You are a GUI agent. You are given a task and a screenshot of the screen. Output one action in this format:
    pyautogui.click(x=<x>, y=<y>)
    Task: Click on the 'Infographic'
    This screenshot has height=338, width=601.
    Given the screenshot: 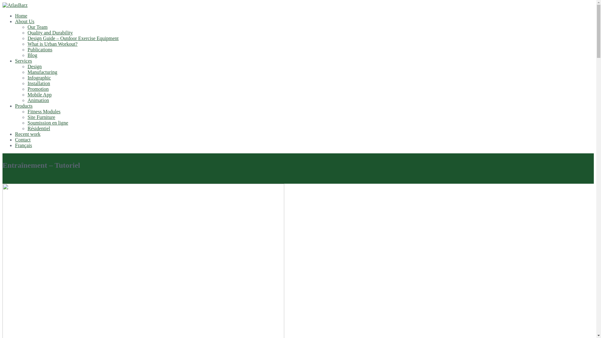 What is the action you would take?
    pyautogui.click(x=39, y=77)
    